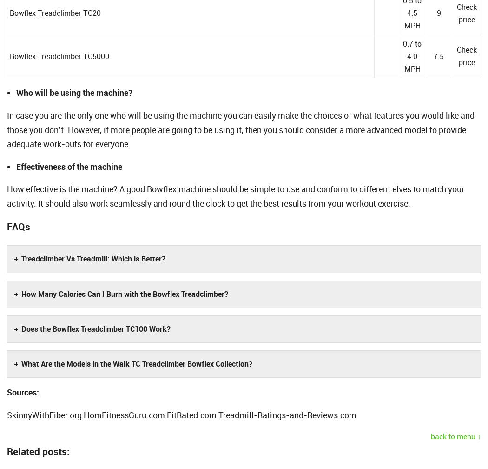 The width and height of the screenshot is (488, 469). What do you see at coordinates (438, 13) in the screenshot?
I see `'9'` at bounding box center [438, 13].